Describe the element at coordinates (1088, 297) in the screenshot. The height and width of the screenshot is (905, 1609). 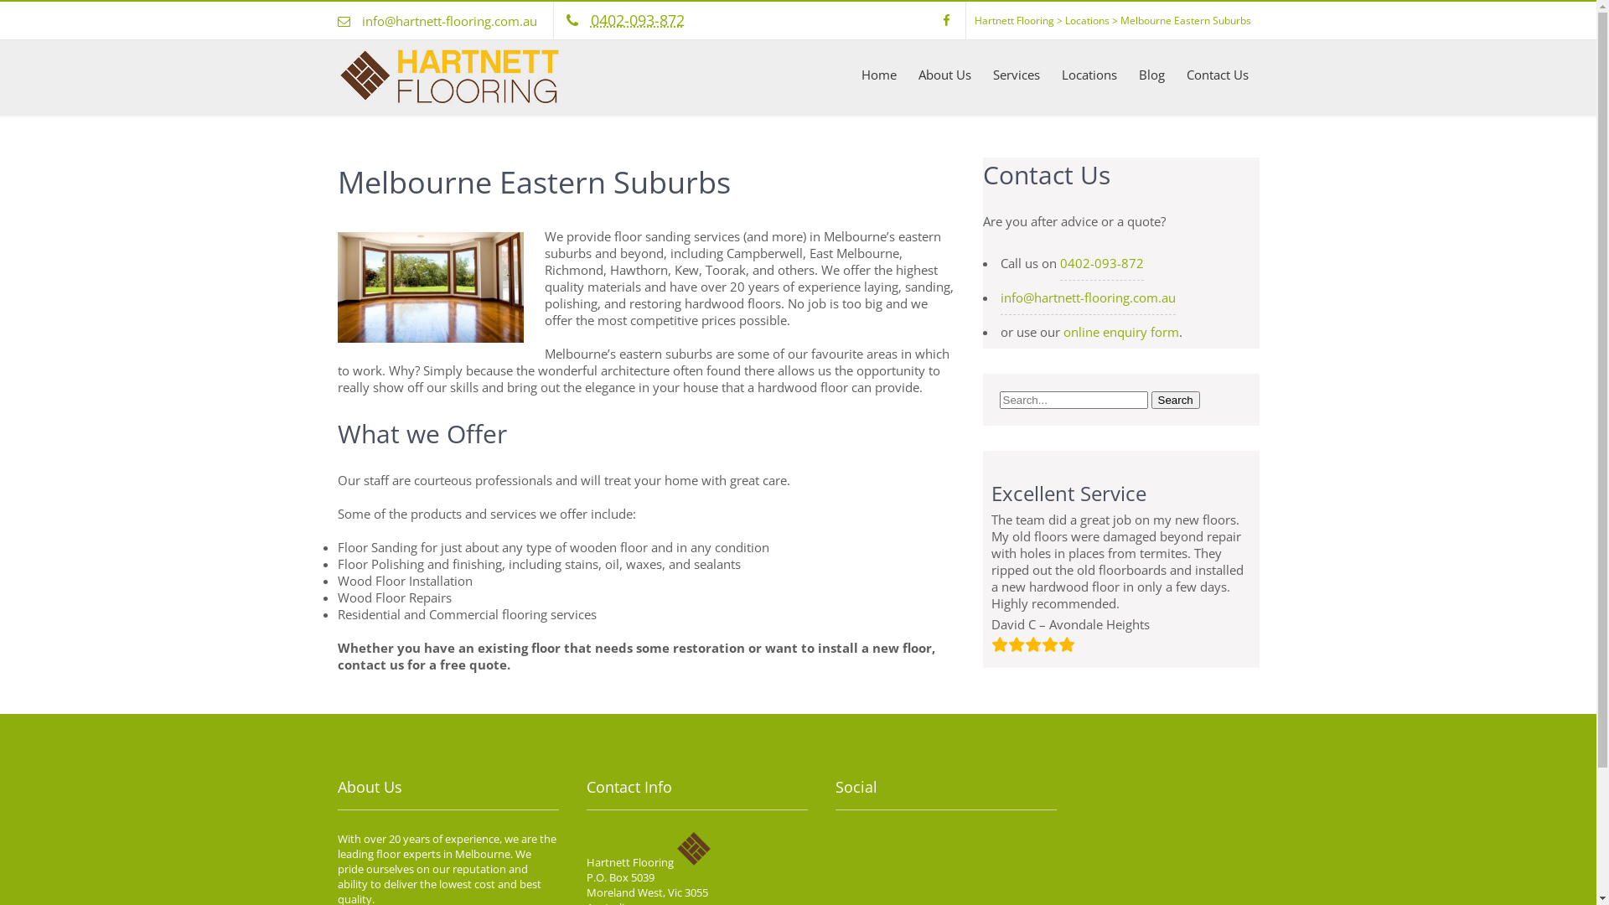
I see `'info@hartnett-flooring.com.au'` at that location.